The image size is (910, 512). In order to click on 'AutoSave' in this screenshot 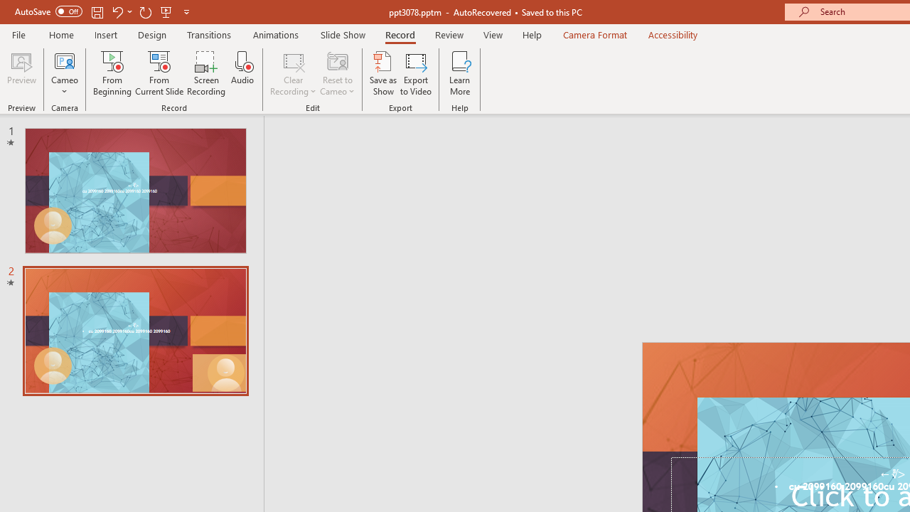, I will do `click(48, 11)`.